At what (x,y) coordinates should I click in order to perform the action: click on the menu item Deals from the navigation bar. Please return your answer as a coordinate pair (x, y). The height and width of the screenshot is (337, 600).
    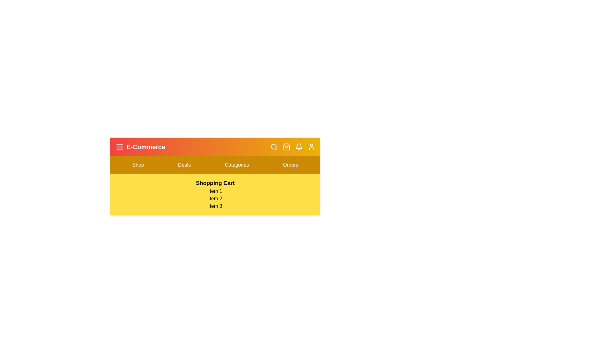
    Looking at the image, I should click on (184, 164).